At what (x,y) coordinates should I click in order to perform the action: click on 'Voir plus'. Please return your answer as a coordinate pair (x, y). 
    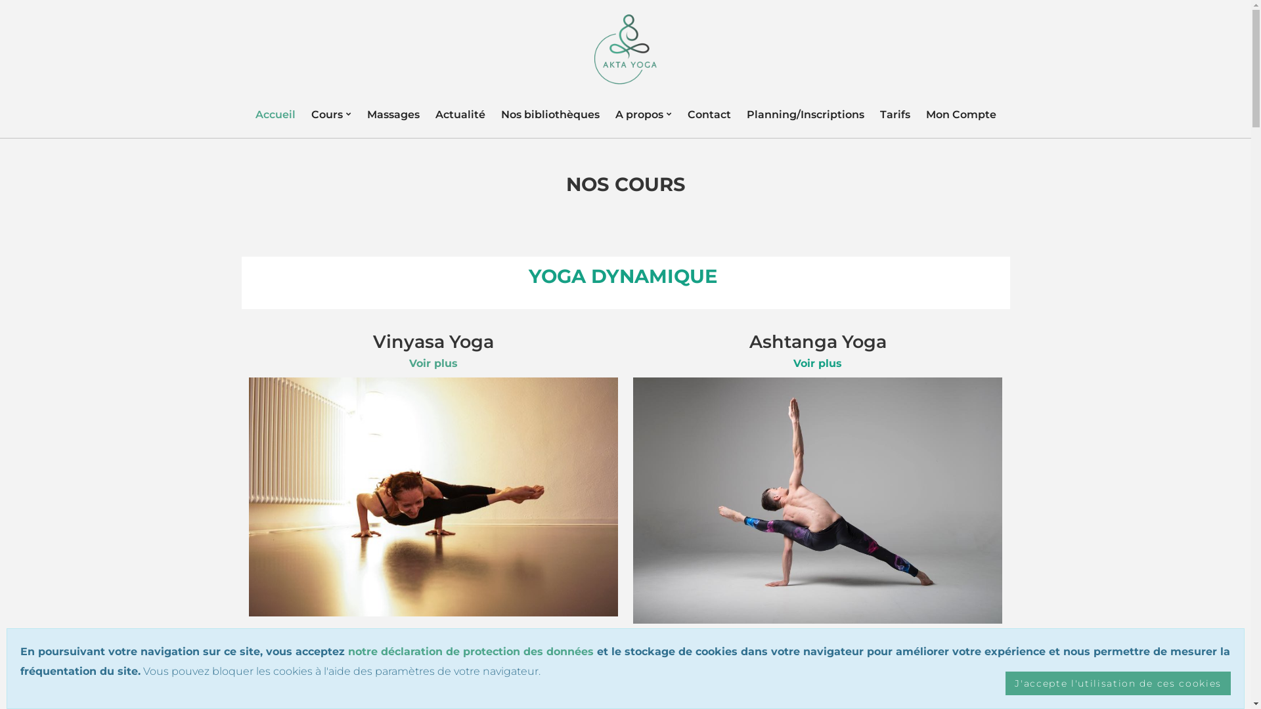
    Looking at the image, I should click on (793, 689).